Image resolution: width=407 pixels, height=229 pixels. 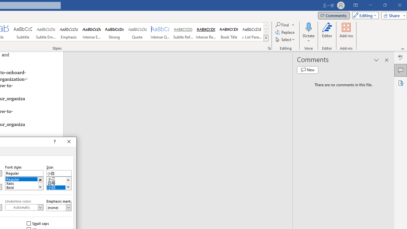 What do you see at coordinates (91, 32) in the screenshot?
I see `'Intense Emphasis'` at bounding box center [91, 32].